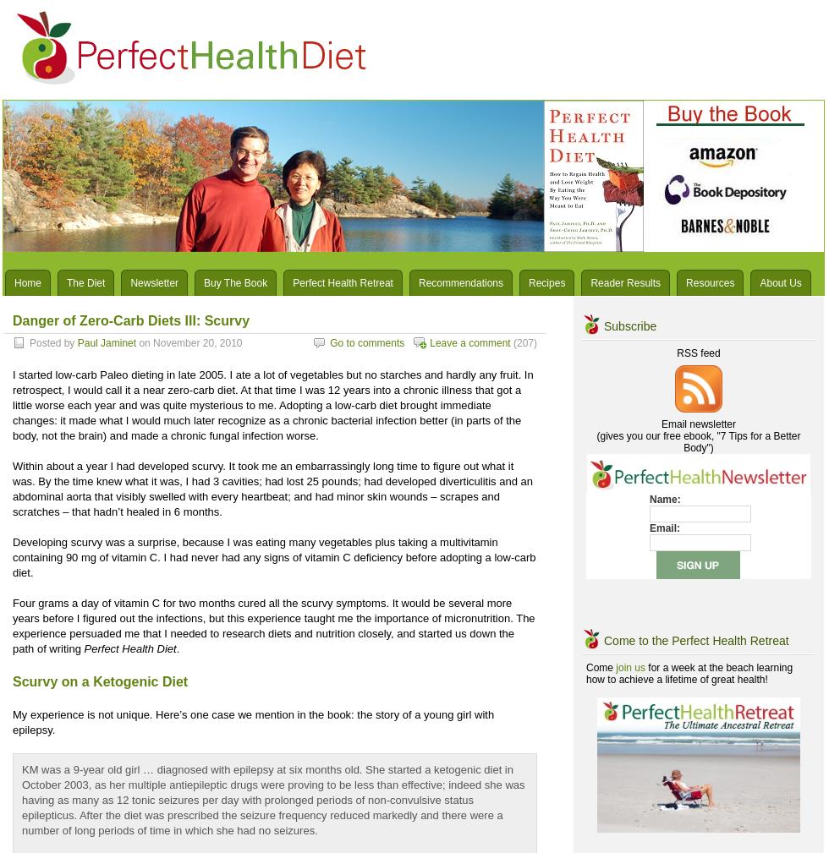 Image resolution: width=829 pixels, height=853 pixels. I want to click on 'Perfect Health Diet', so click(129, 648).